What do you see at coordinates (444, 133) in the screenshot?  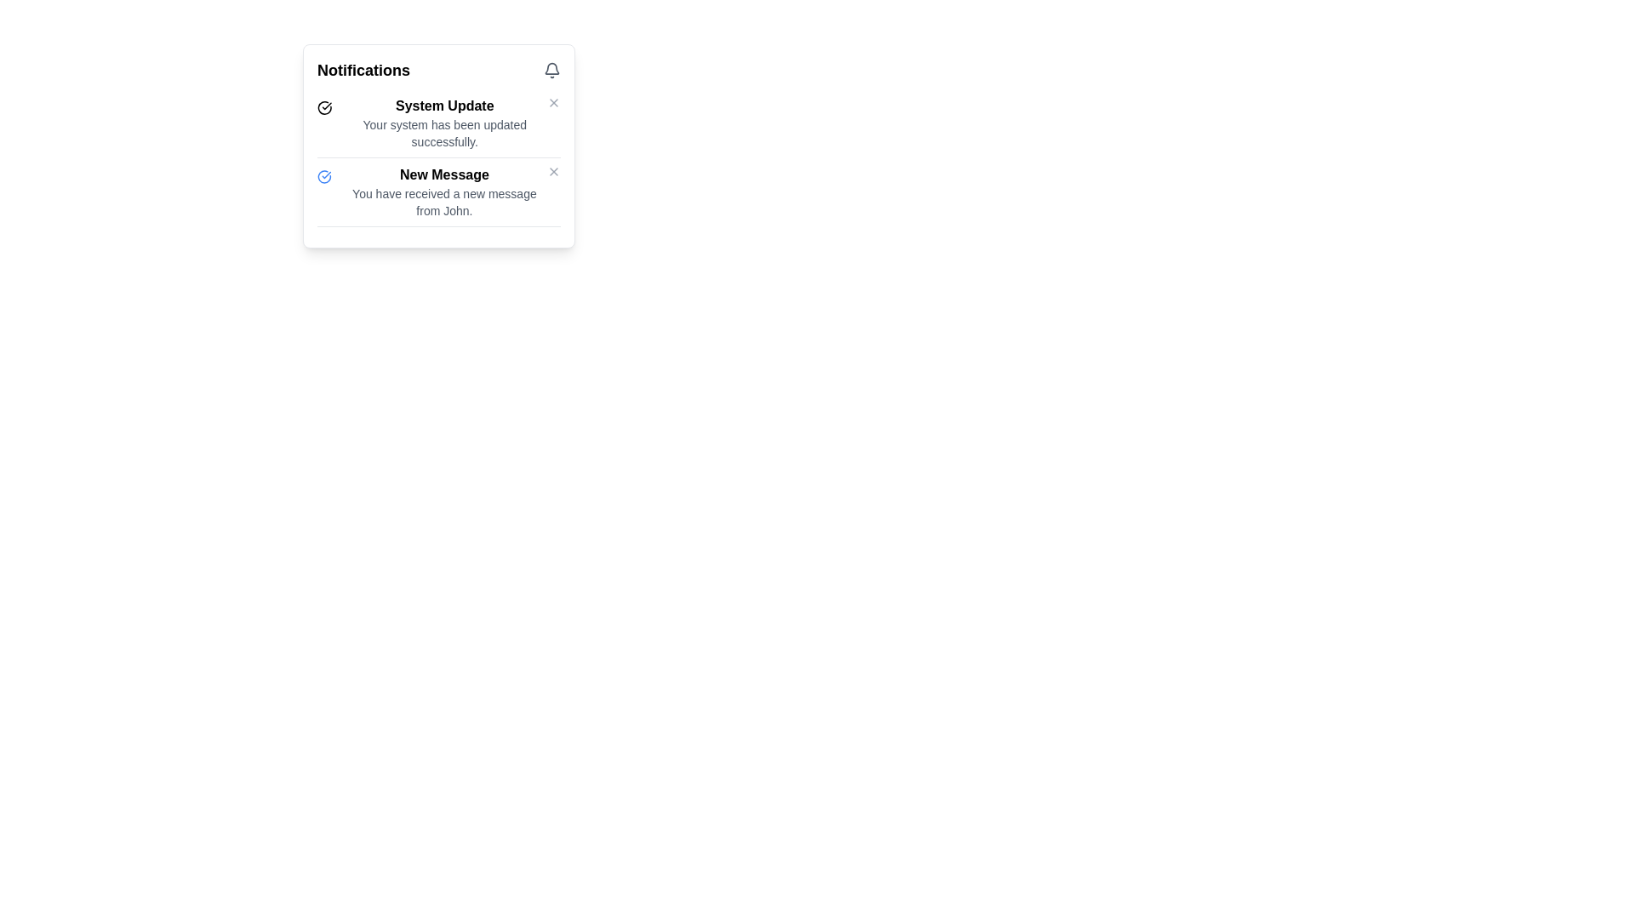 I see `text snippet that states 'Your system has been updated successfully.' located under the header 'System Update' in the notification card layout` at bounding box center [444, 133].